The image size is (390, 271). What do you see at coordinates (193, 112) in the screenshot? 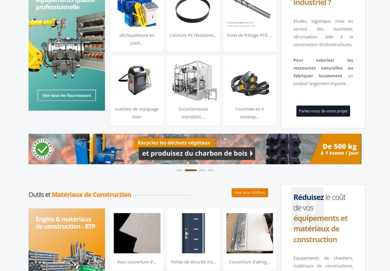
I see `'Encartonneuse monobloc...'` at bounding box center [193, 112].